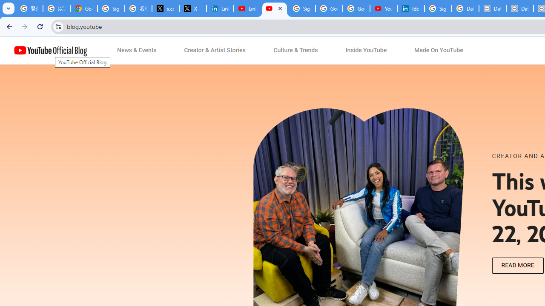 The image size is (545, 306). Describe the element at coordinates (215, 51) in the screenshot. I see `'Creator & Artist Stories'` at that location.